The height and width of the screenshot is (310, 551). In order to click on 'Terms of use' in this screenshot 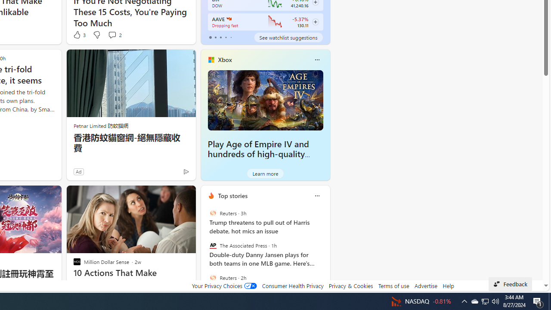, I will do `click(393, 285)`.